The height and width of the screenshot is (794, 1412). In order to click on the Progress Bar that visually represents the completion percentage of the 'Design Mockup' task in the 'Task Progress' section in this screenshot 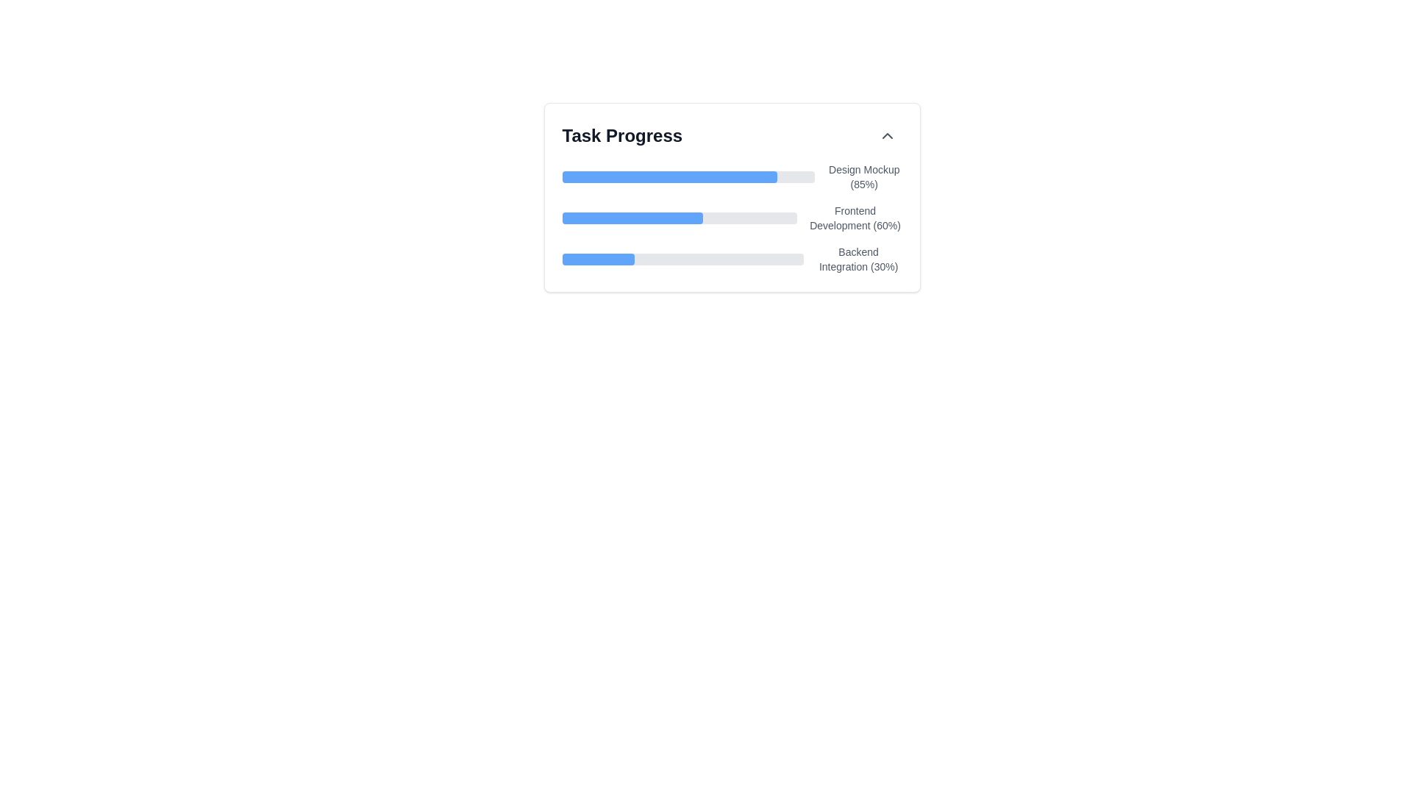, I will do `click(688, 176)`.